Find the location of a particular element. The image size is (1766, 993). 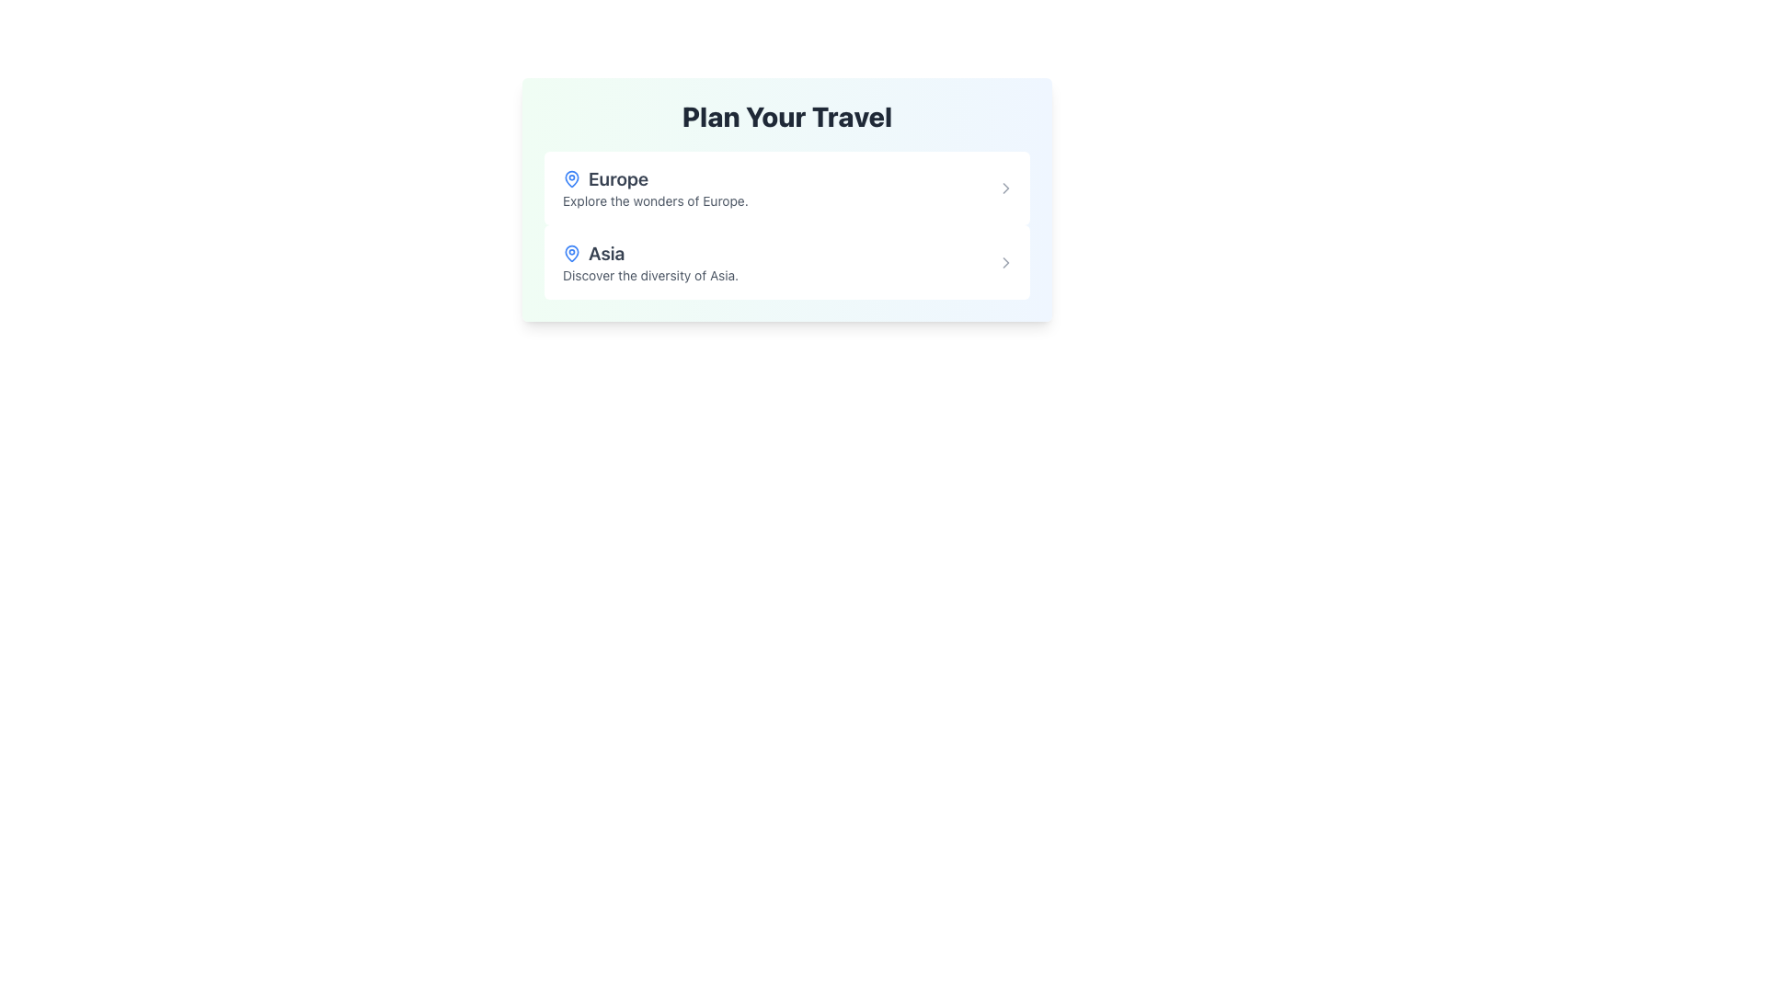

the right-facing chevron arrow icon located at the far right of the 'Europe' section in the 'Plan Your Travel' interface is located at coordinates (1005, 188).